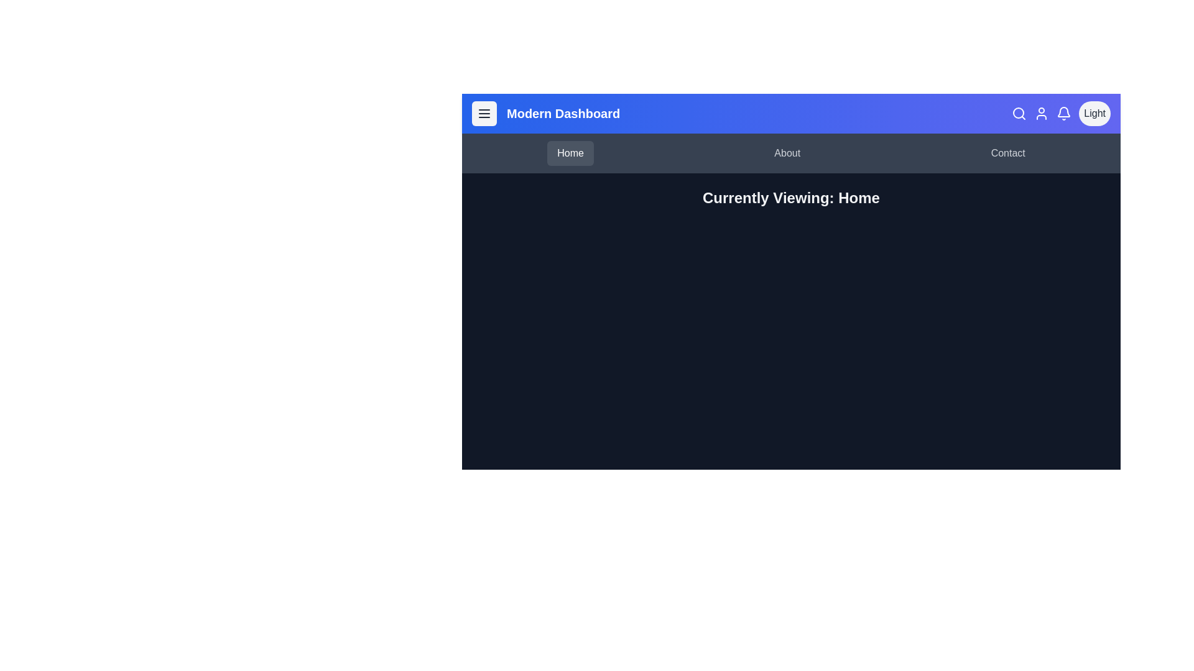 The width and height of the screenshot is (1194, 671). What do you see at coordinates (787, 152) in the screenshot?
I see `the navigation tab About to view the hover effect` at bounding box center [787, 152].